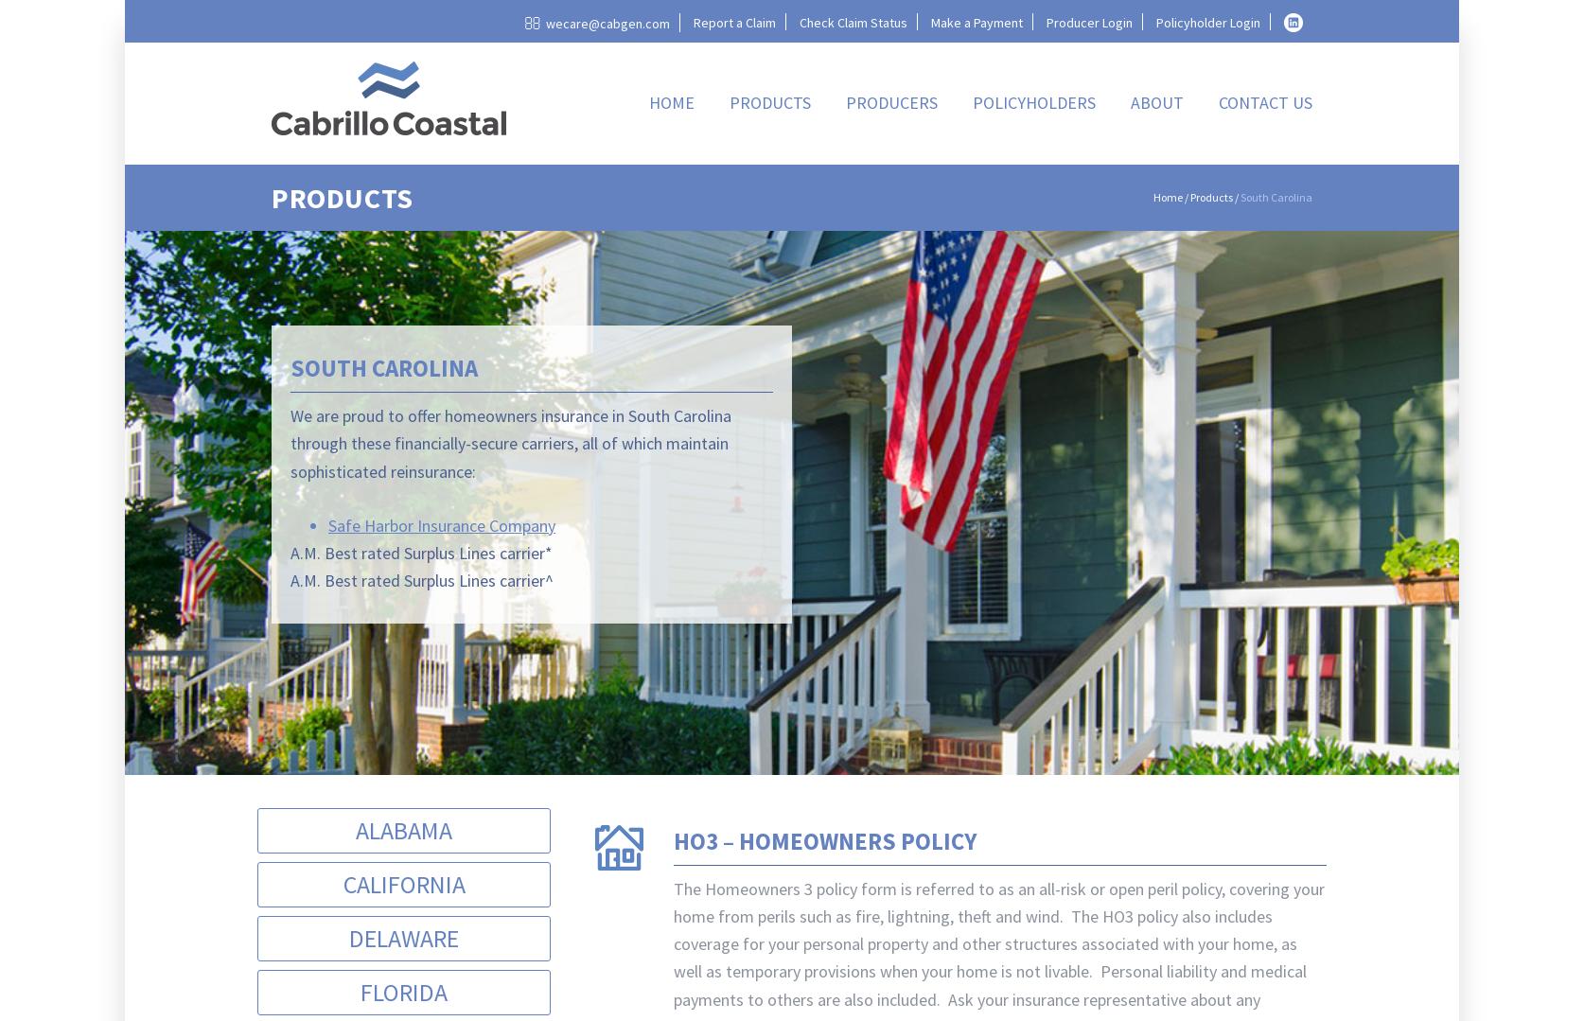 This screenshot has width=1584, height=1021. What do you see at coordinates (403, 990) in the screenshot?
I see `'Florida'` at bounding box center [403, 990].